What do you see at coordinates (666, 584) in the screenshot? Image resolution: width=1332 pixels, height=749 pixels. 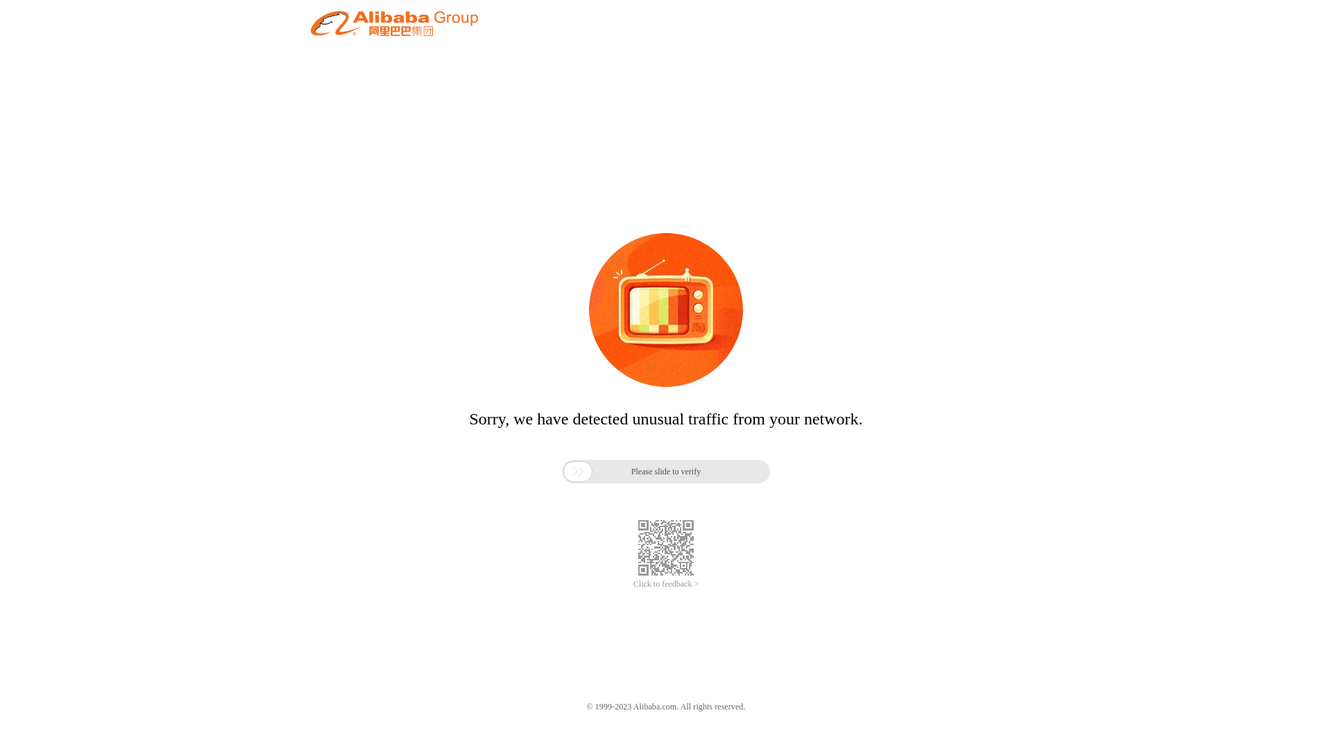 I see `'Click to feedback >'` at bounding box center [666, 584].